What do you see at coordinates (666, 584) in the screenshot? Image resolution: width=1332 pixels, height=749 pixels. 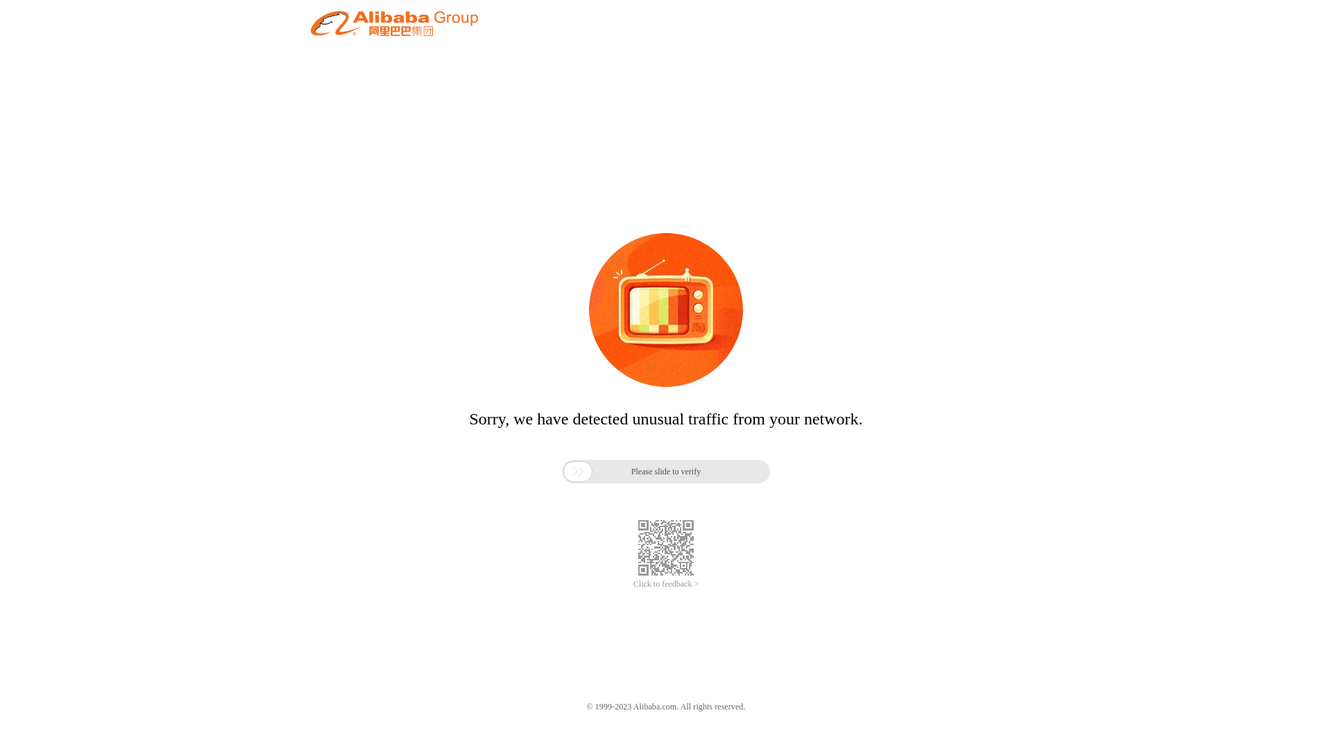 I see `'Click to feedback >'` at bounding box center [666, 584].